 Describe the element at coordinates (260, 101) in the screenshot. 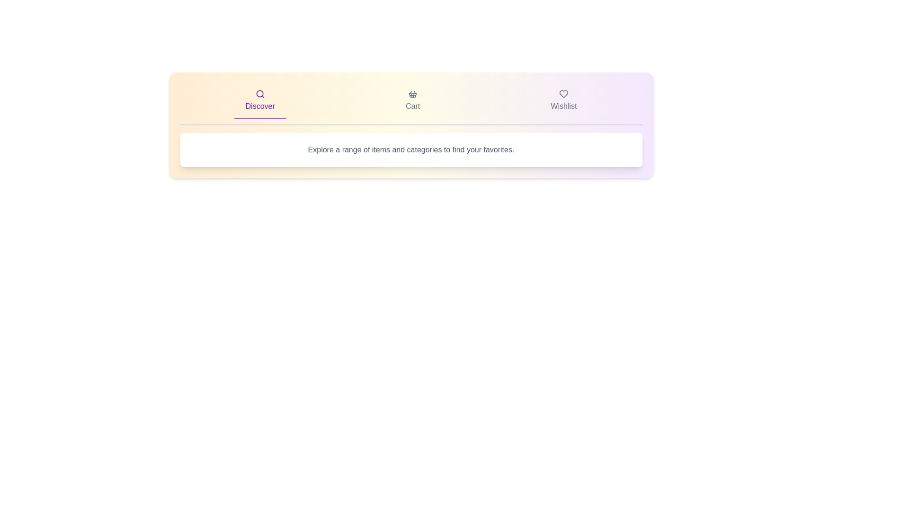

I see `the Discover tab to observe its hover effect` at that location.